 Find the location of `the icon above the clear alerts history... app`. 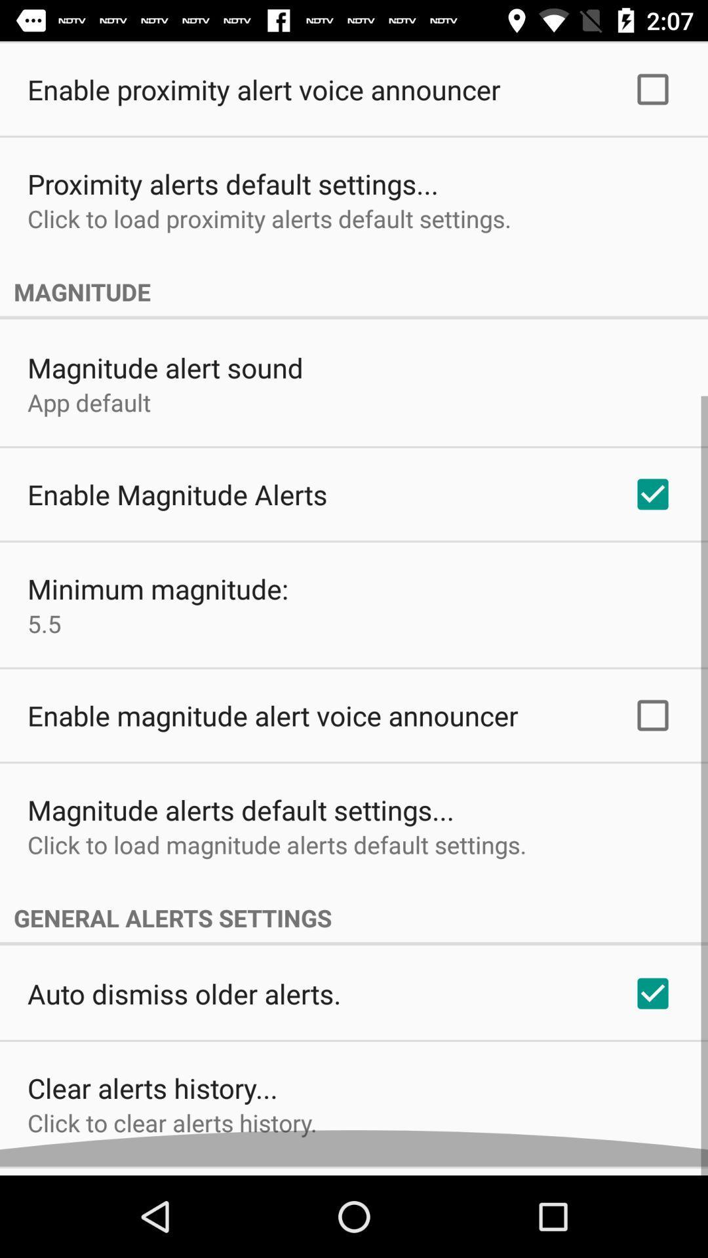

the icon above the clear alerts history... app is located at coordinates (184, 1002).